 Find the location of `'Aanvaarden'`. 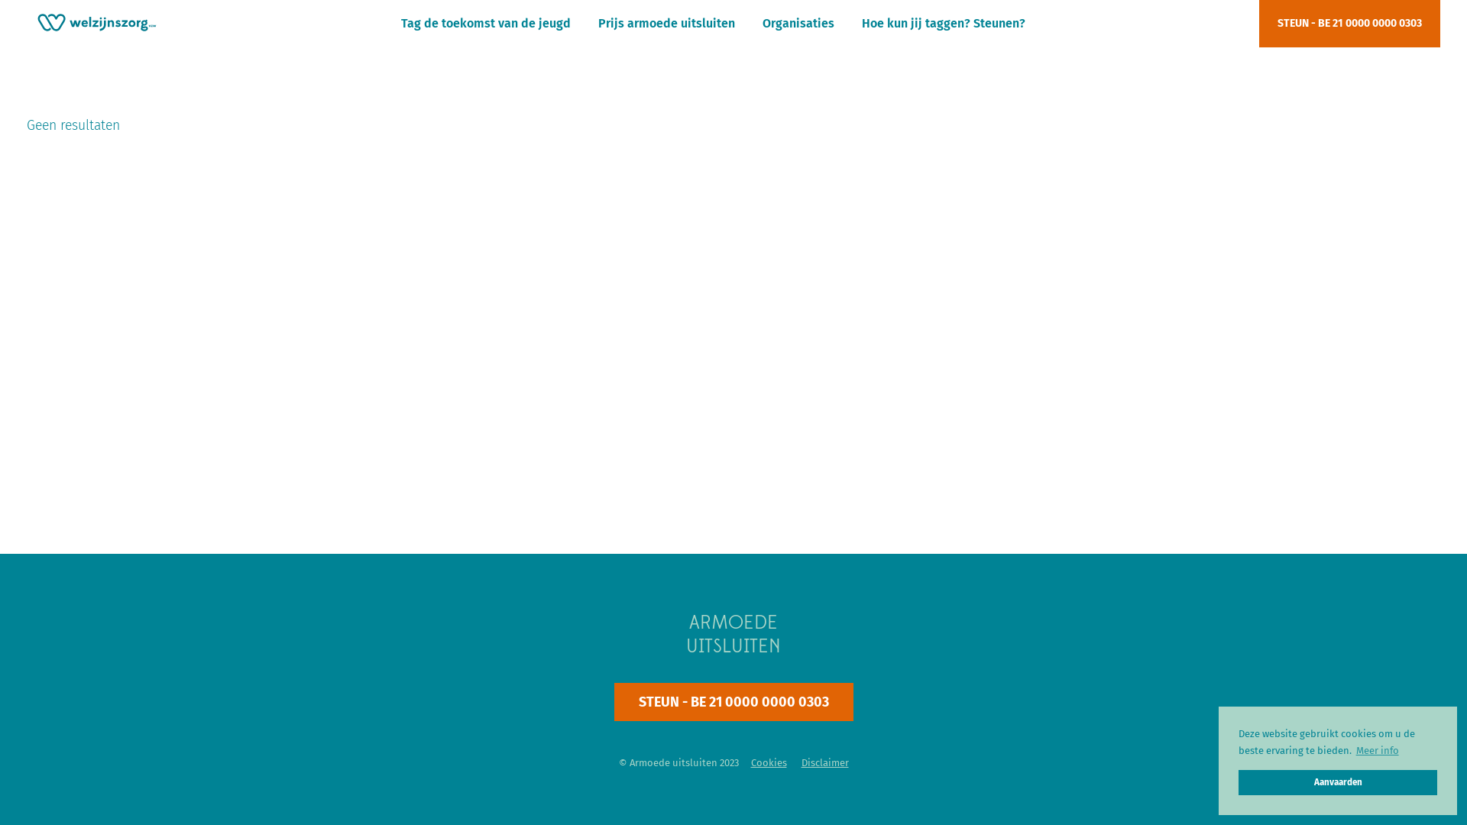

'Aanvaarden' is located at coordinates (1337, 782).